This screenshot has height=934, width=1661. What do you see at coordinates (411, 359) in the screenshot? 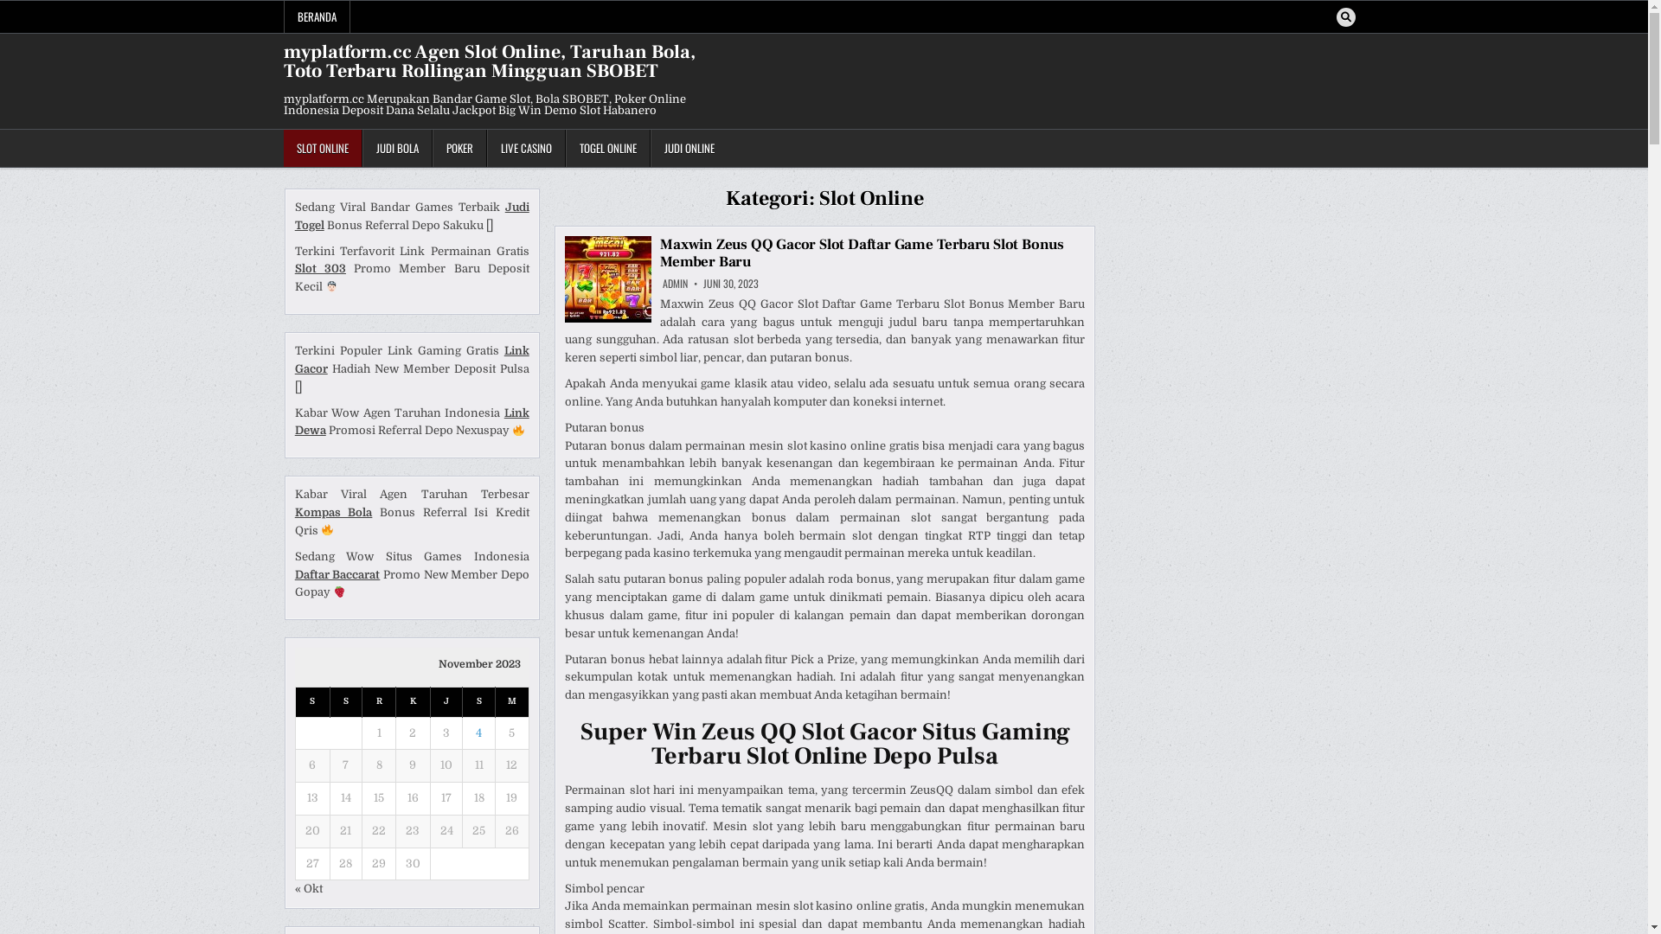
I see `'Link Gacor'` at bounding box center [411, 359].